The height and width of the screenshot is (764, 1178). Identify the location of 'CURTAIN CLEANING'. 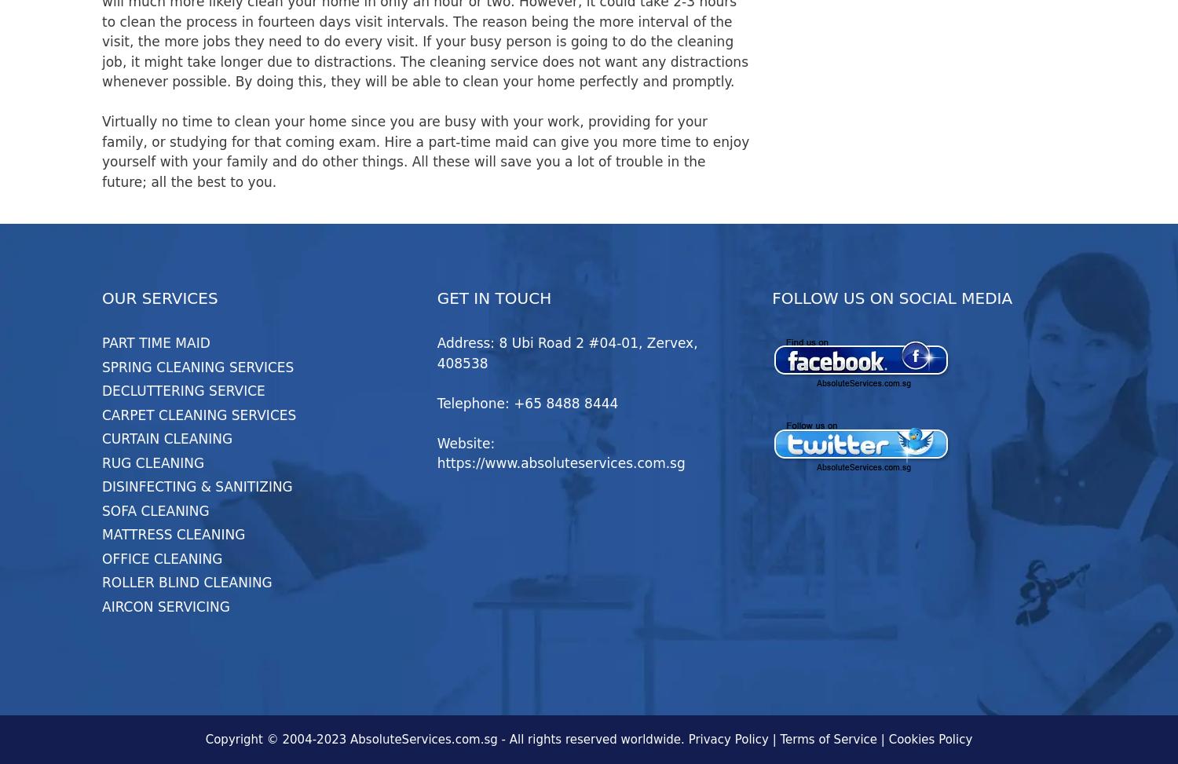
(166, 438).